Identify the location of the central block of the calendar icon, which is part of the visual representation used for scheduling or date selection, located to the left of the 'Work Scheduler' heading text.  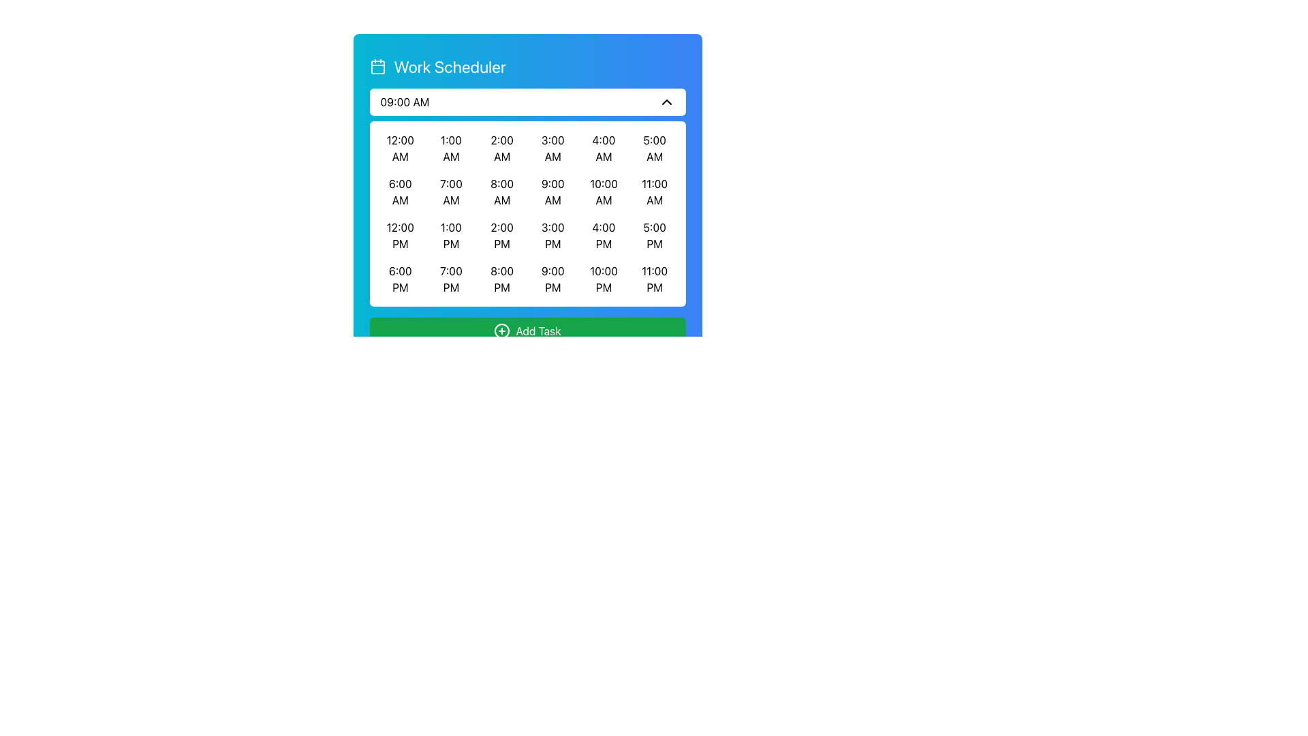
(377, 67).